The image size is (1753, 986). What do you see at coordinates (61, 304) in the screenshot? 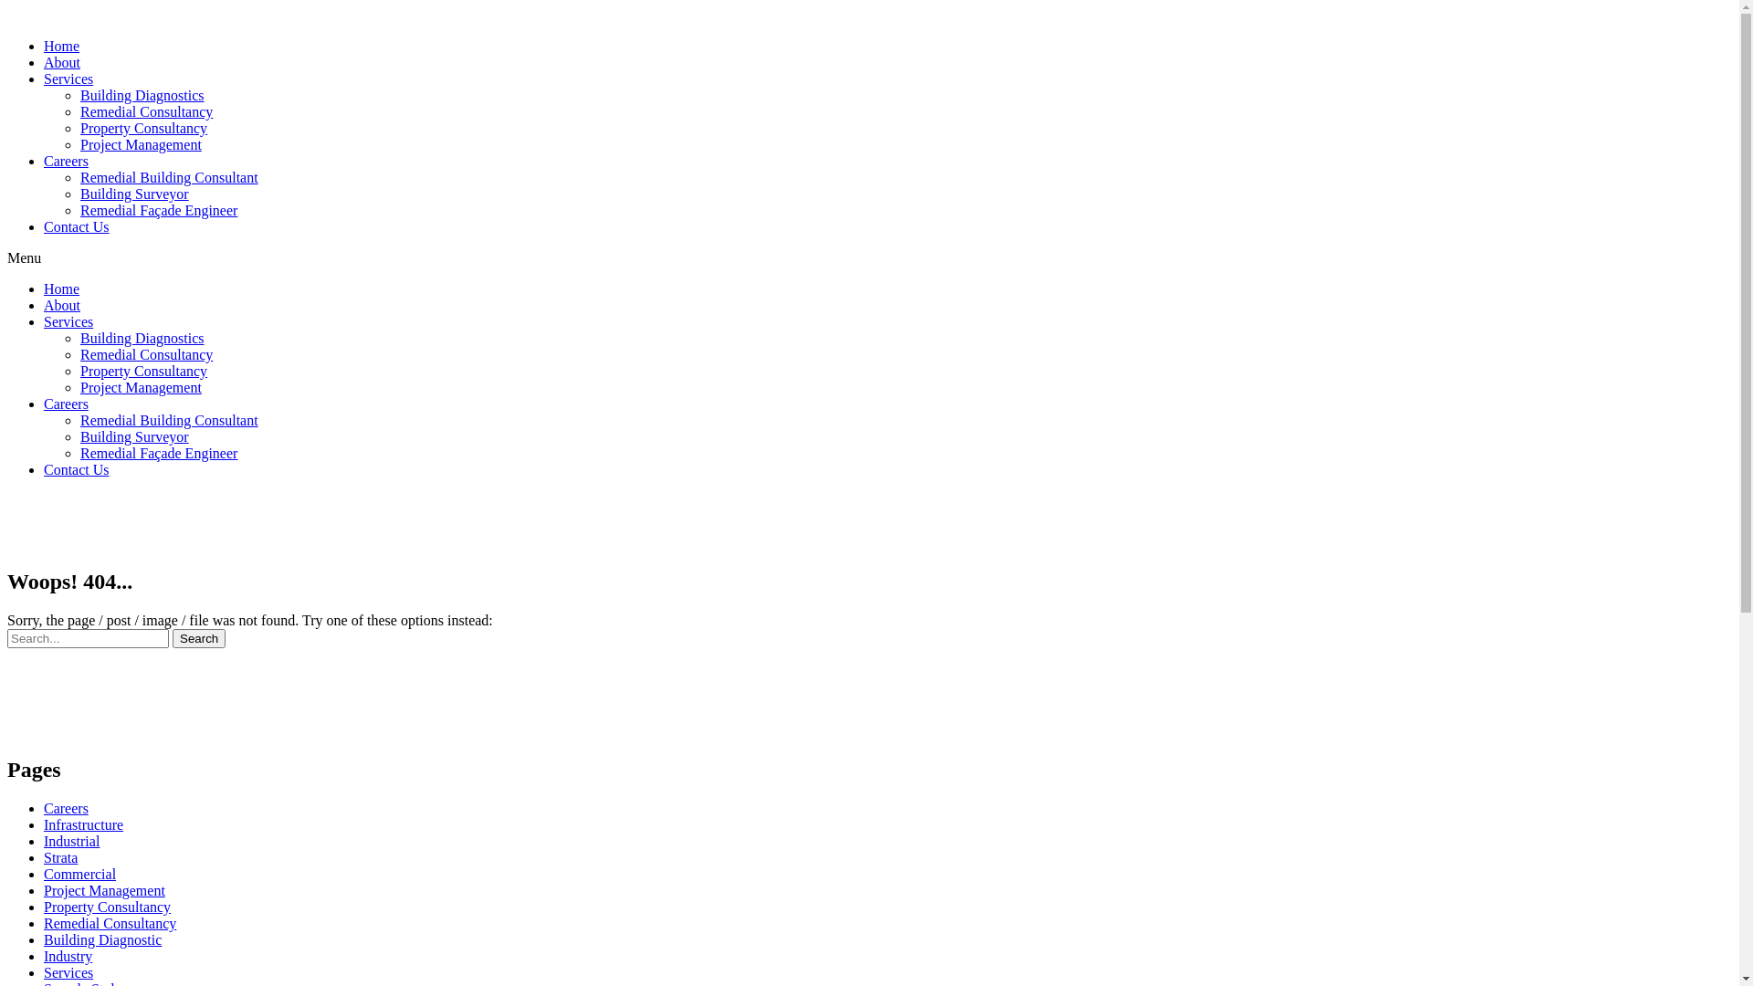
I see `'About'` at bounding box center [61, 304].